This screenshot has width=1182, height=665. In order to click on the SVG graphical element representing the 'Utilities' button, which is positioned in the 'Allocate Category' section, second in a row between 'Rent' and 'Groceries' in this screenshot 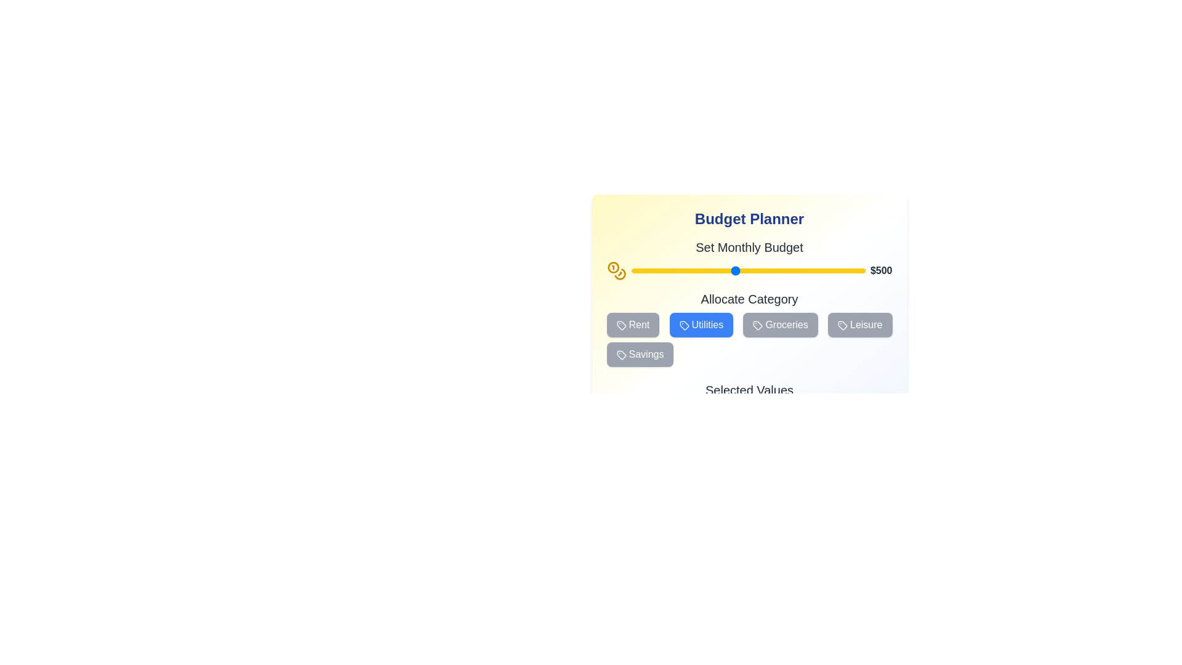, I will do `click(683, 324)`.